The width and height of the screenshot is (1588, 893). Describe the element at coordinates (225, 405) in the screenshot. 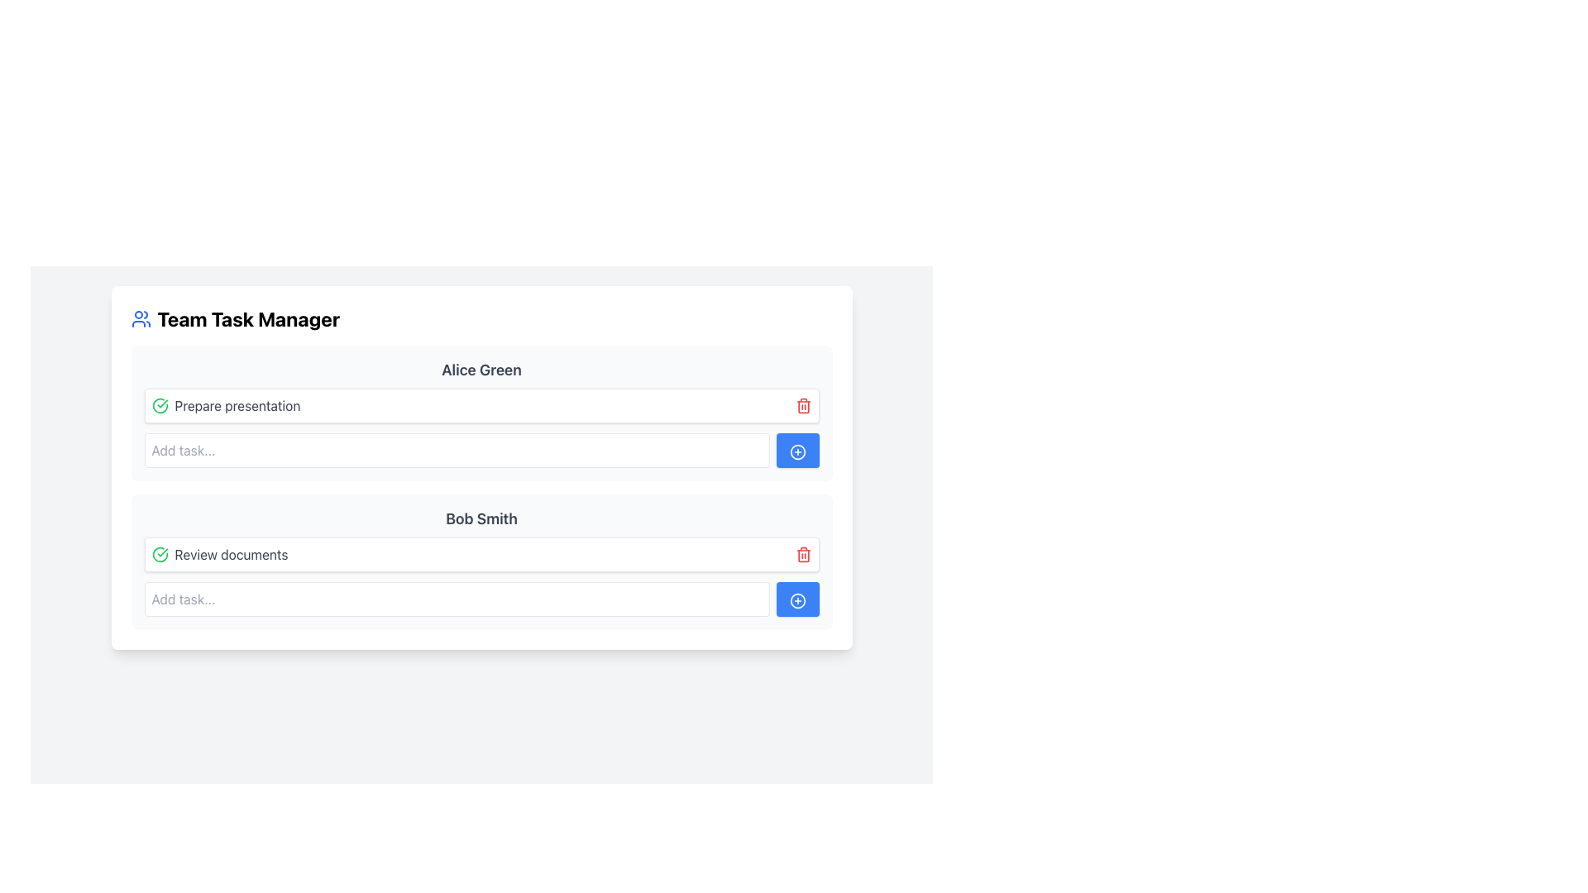

I see `the task labeled 'Prepare presentation' that is marked with a green check icon, located in the 'Alice Green' section of the task tracking interface` at that location.